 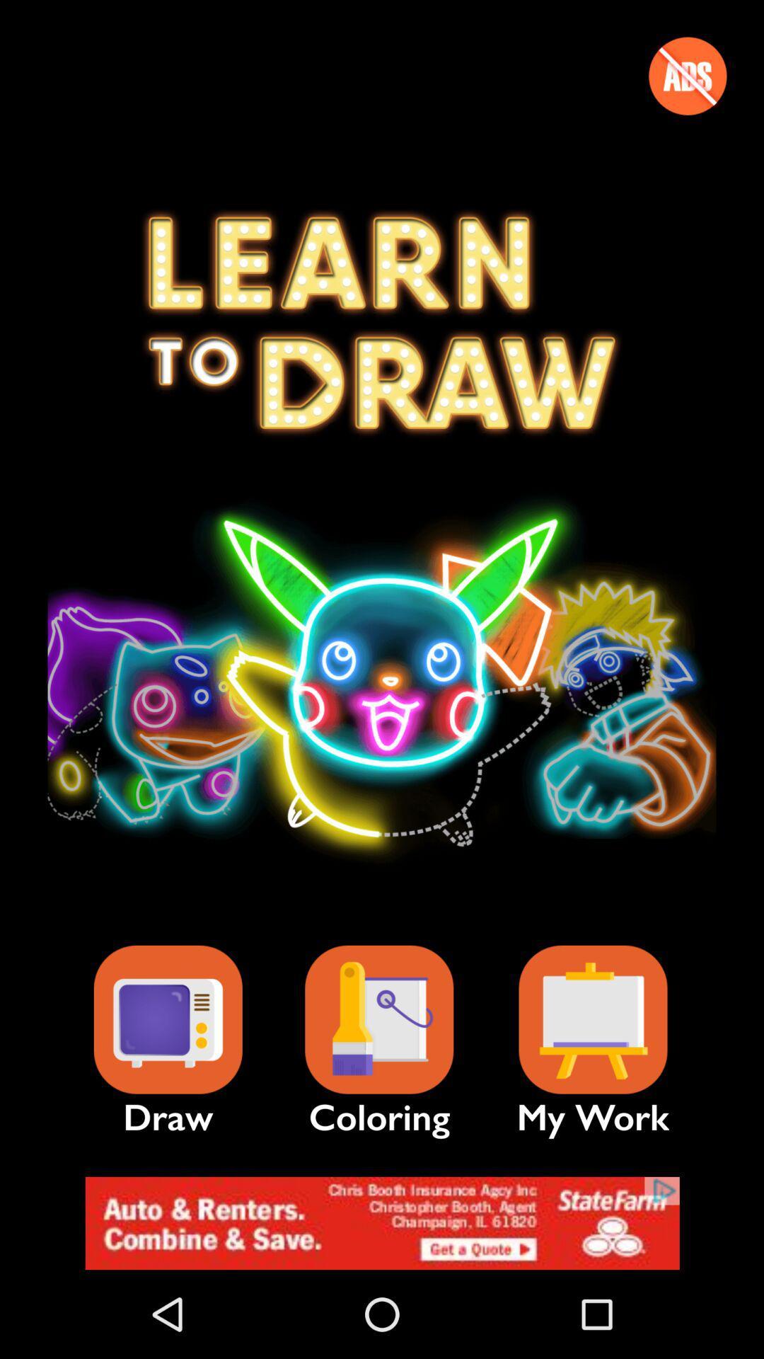 I want to click on coloring, so click(x=378, y=1020).